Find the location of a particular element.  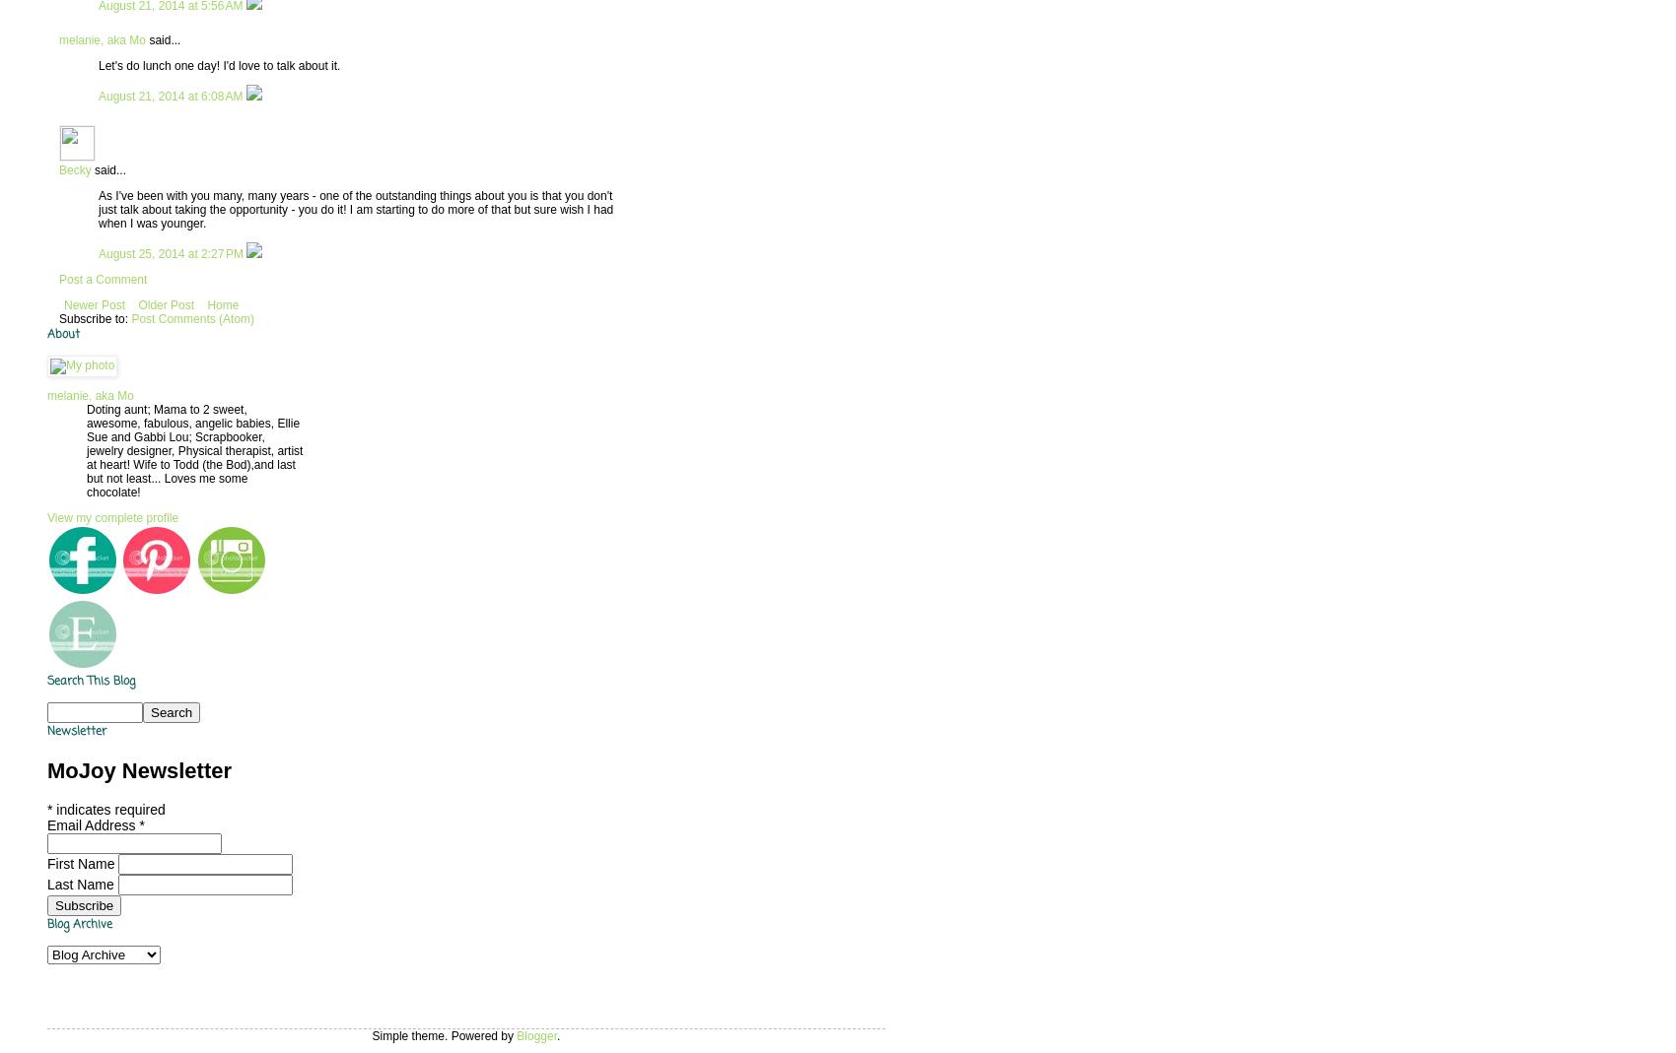

'As I've been with you many, many years - one of the outstanding things about you is that you don't just talk about taking the opportunity - you do it!  I am starting to do more of that but sure wish I had when I was younger.' is located at coordinates (98, 208).